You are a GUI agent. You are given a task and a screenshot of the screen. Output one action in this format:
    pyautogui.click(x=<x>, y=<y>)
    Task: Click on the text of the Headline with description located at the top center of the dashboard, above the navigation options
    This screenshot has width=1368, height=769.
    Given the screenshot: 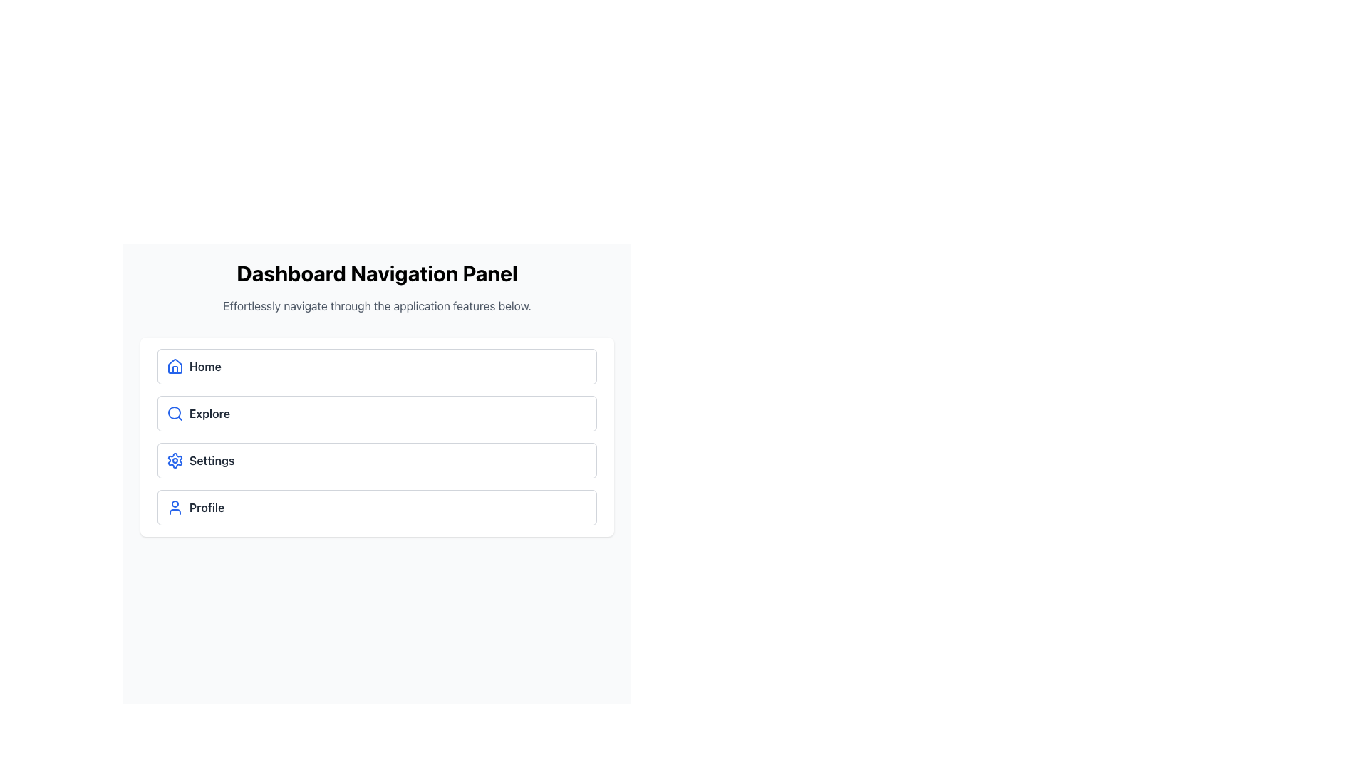 What is the action you would take?
    pyautogui.click(x=377, y=288)
    